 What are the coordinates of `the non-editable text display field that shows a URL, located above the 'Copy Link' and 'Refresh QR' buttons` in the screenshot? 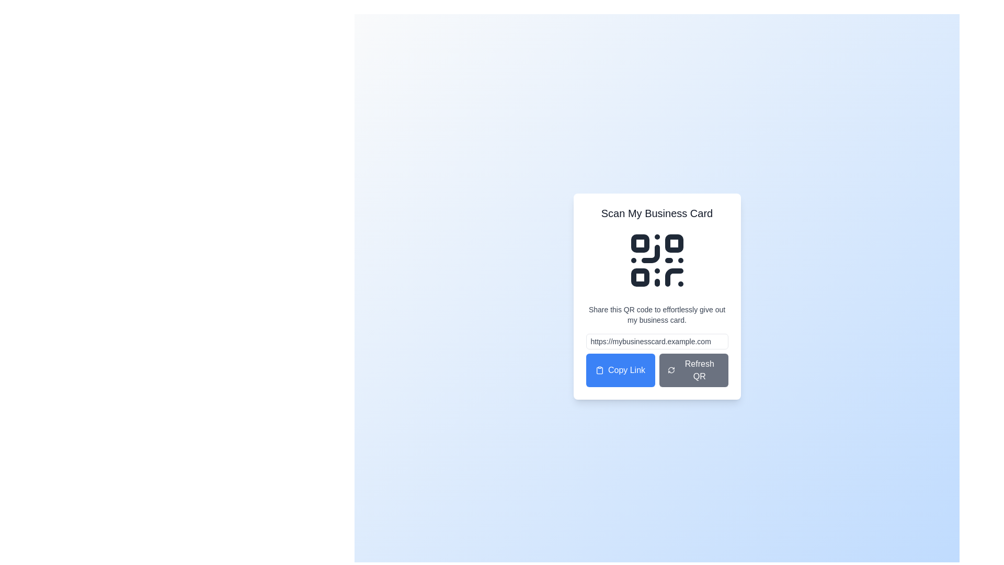 It's located at (656, 341).